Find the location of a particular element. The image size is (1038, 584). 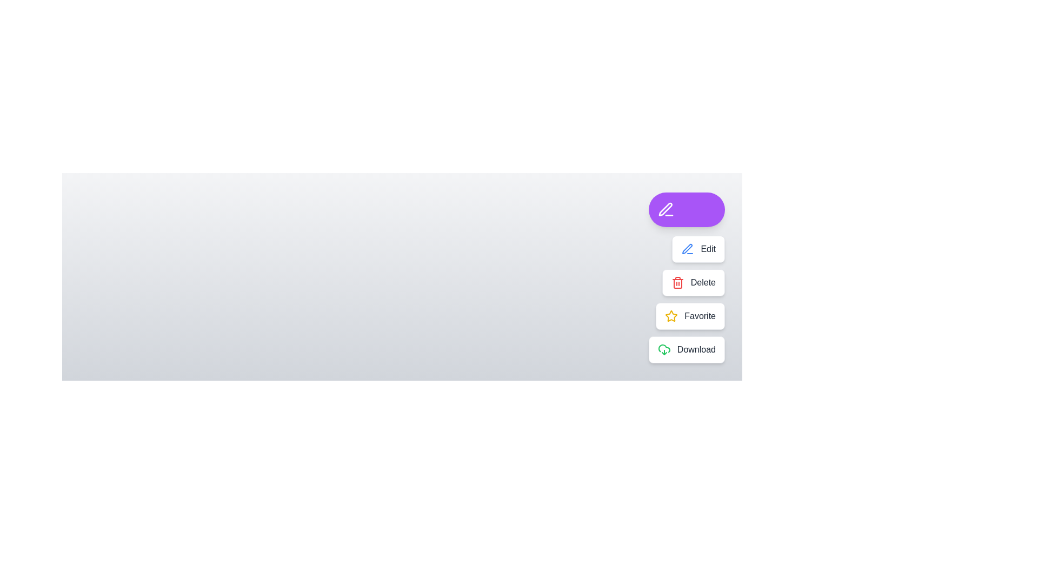

the button labeled Favorite to observe its effect is located at coordinates (689, 316).